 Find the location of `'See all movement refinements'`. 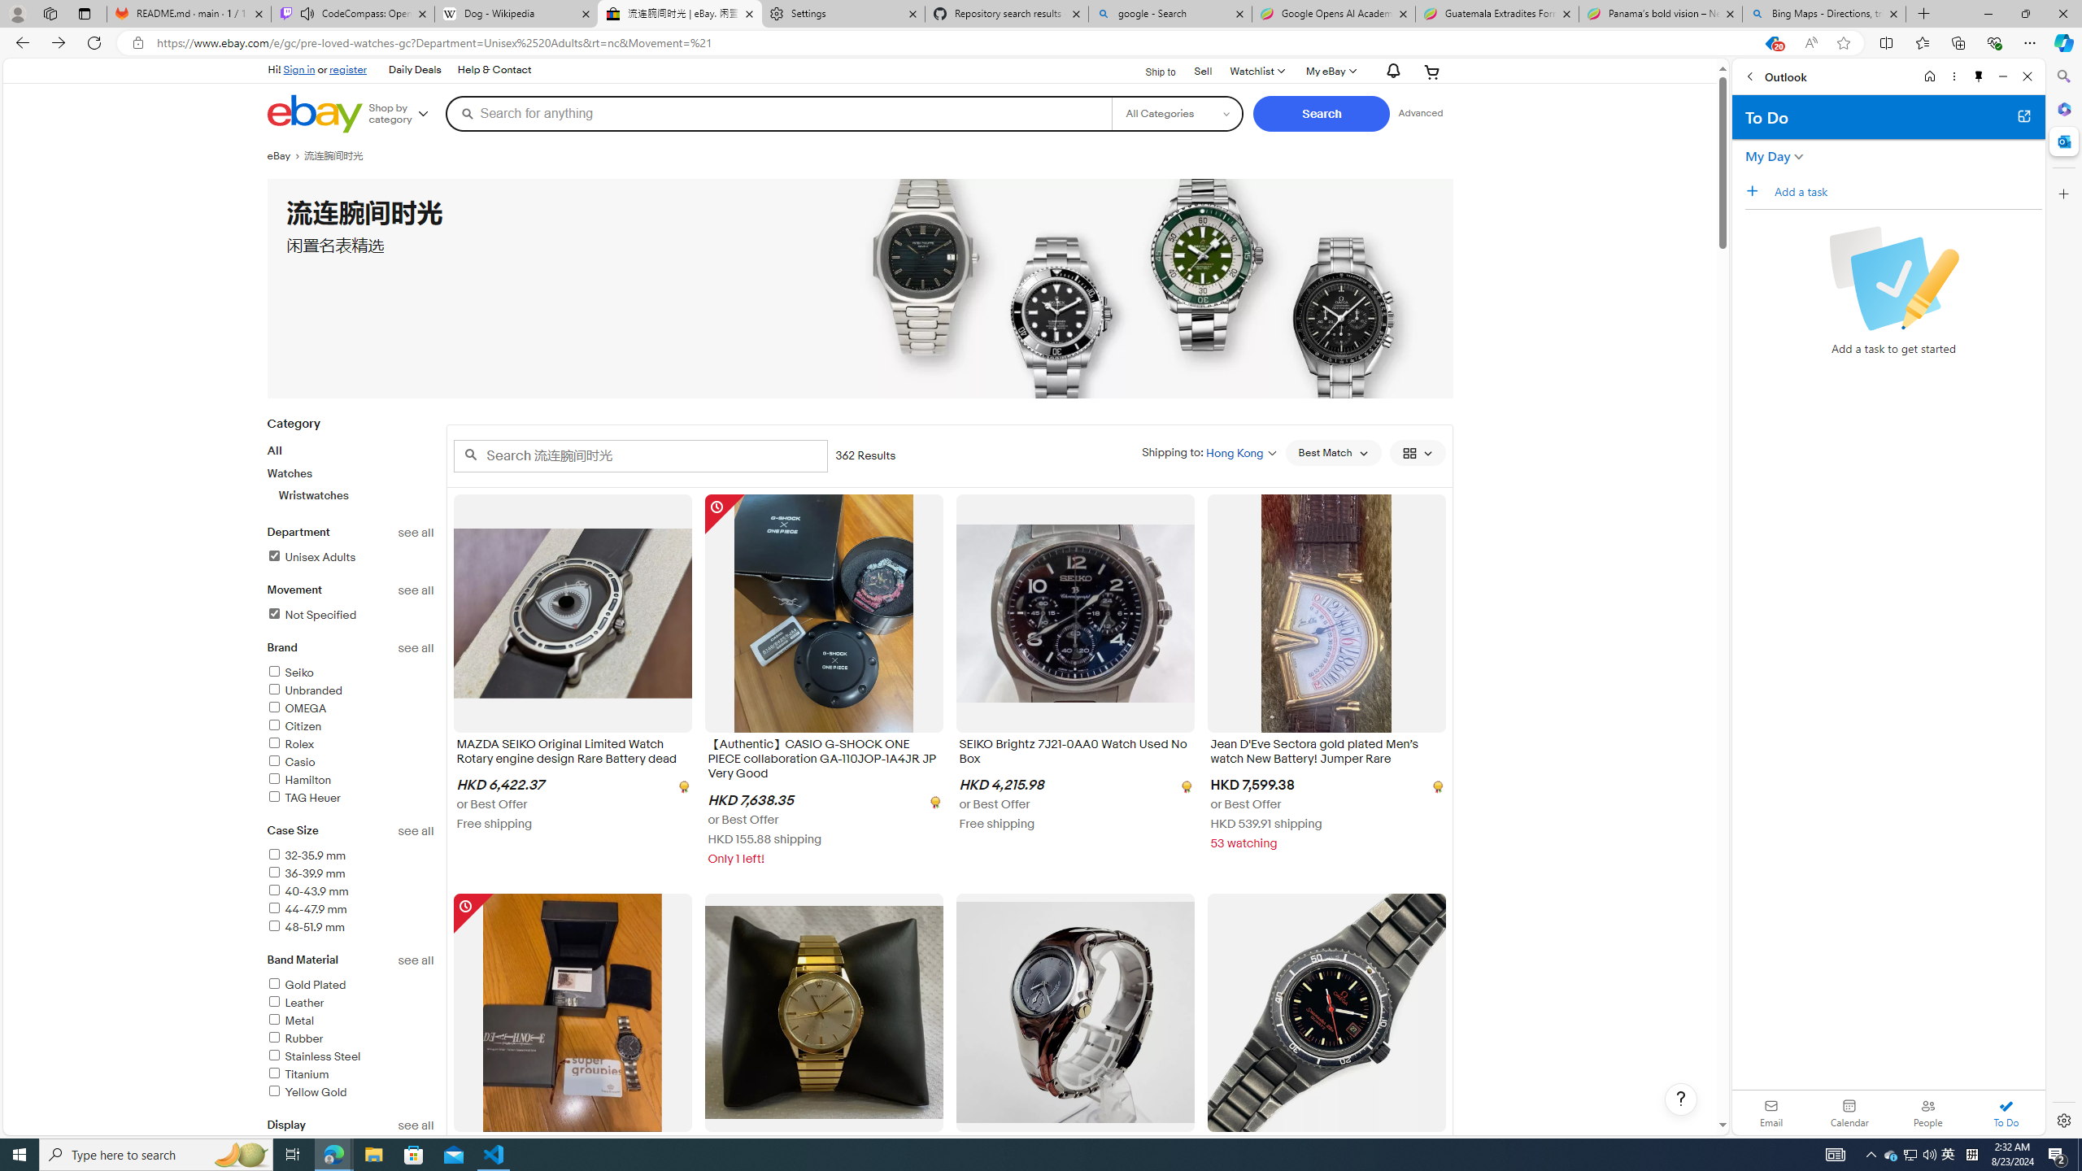

'See all movement refinements' is located at coordinates (416, 590).